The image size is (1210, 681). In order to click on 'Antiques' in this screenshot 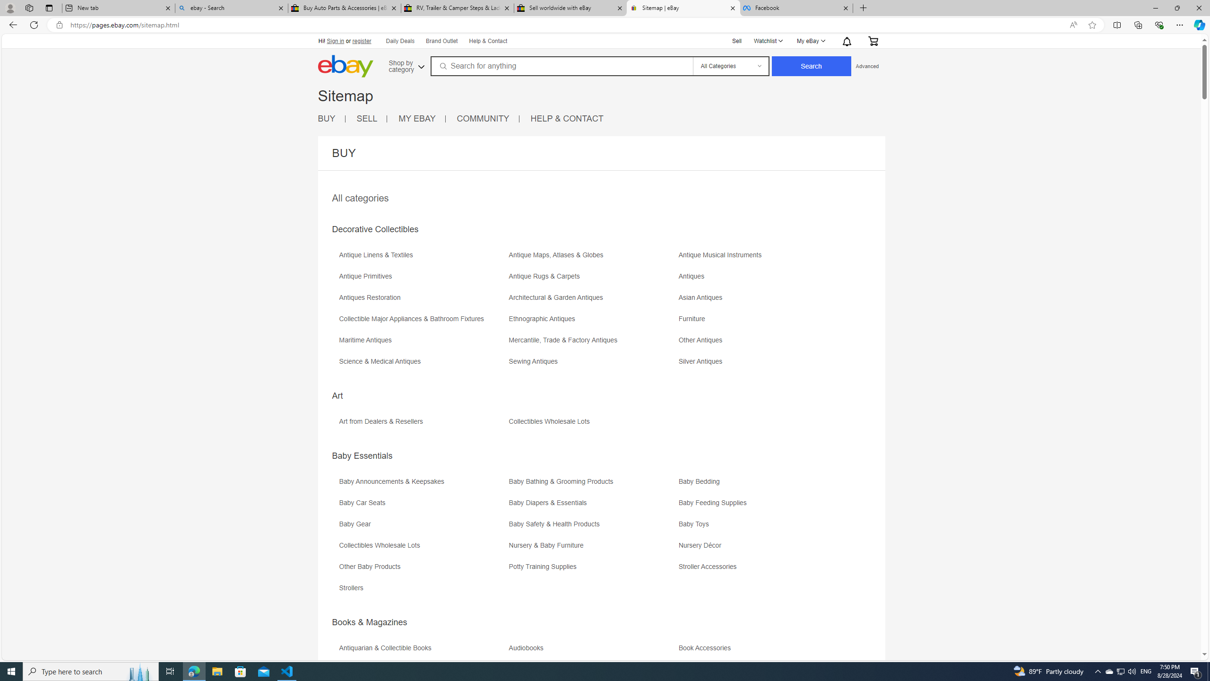, I will do `click(763, 279)`.